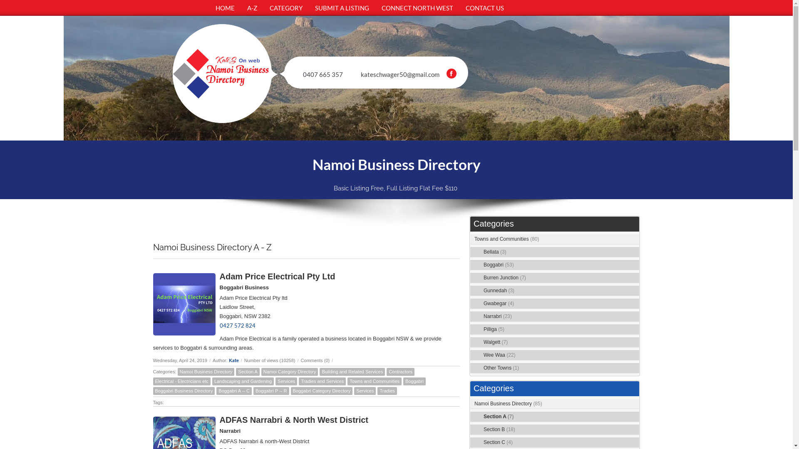  I want to click on '0427 572 824', so click(237, 325).